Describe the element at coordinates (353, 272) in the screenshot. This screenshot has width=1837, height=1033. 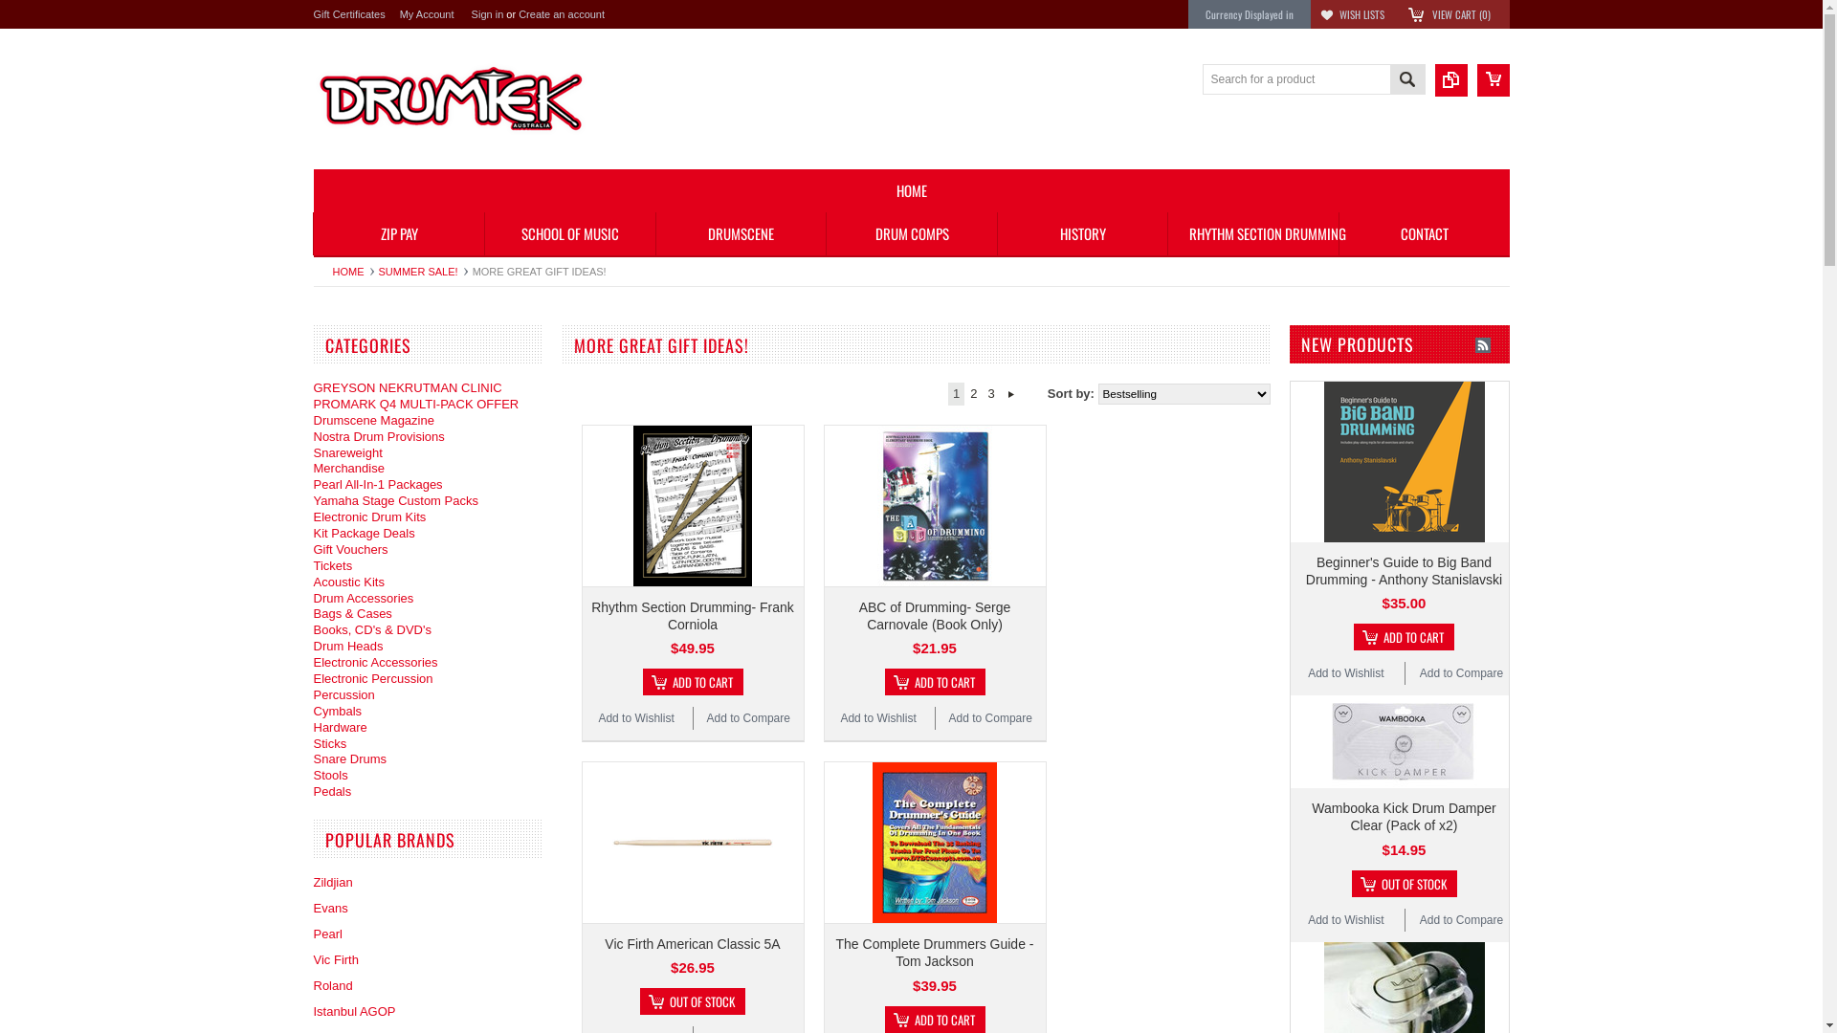
I see `'HOME'` at that location.